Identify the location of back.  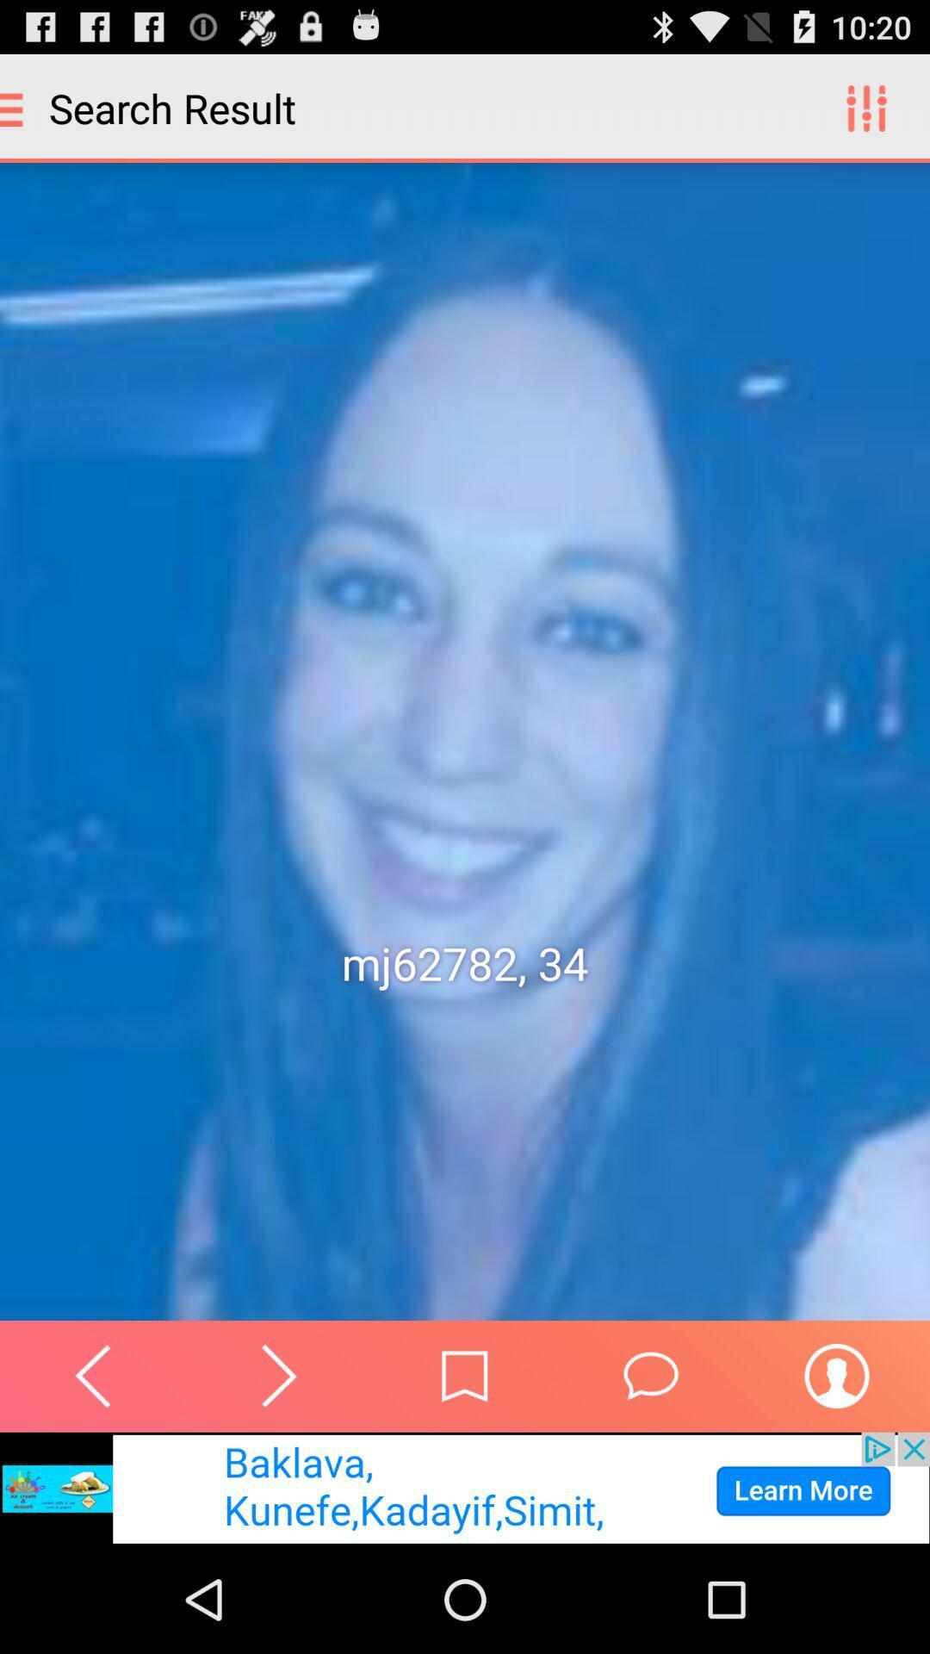
(93, 1375).